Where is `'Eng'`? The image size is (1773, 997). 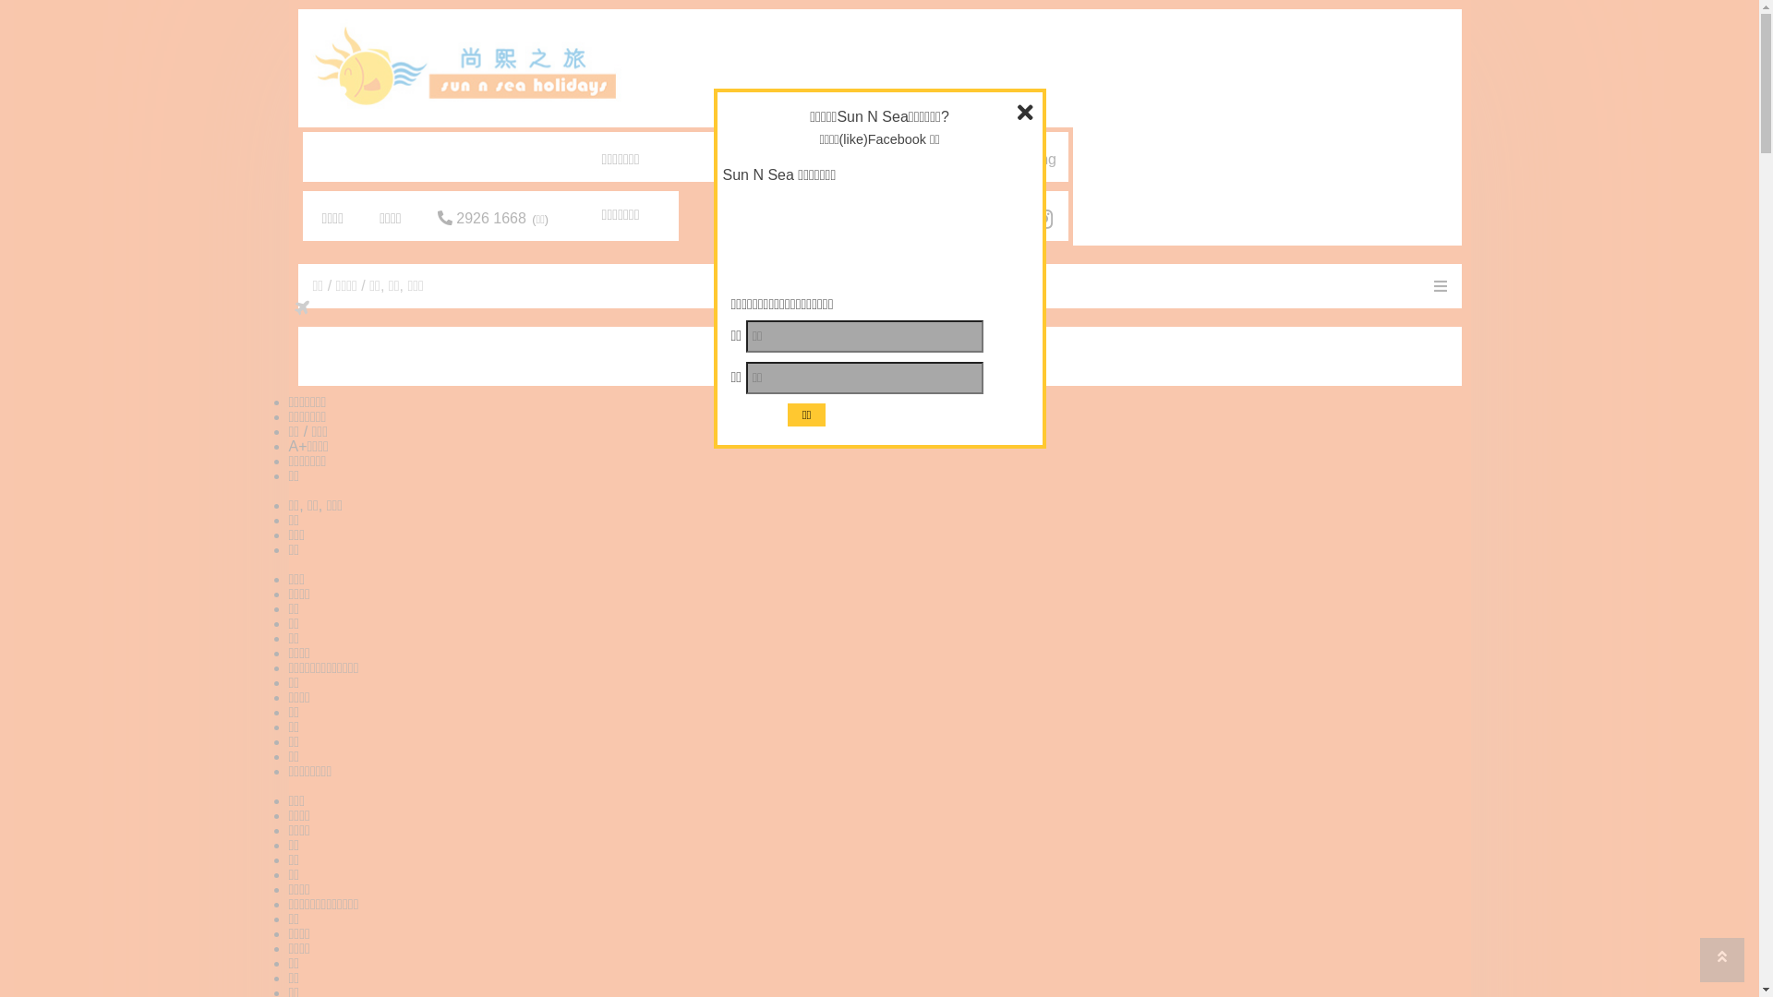 'Eng' is located at coordinates (1043, 158).